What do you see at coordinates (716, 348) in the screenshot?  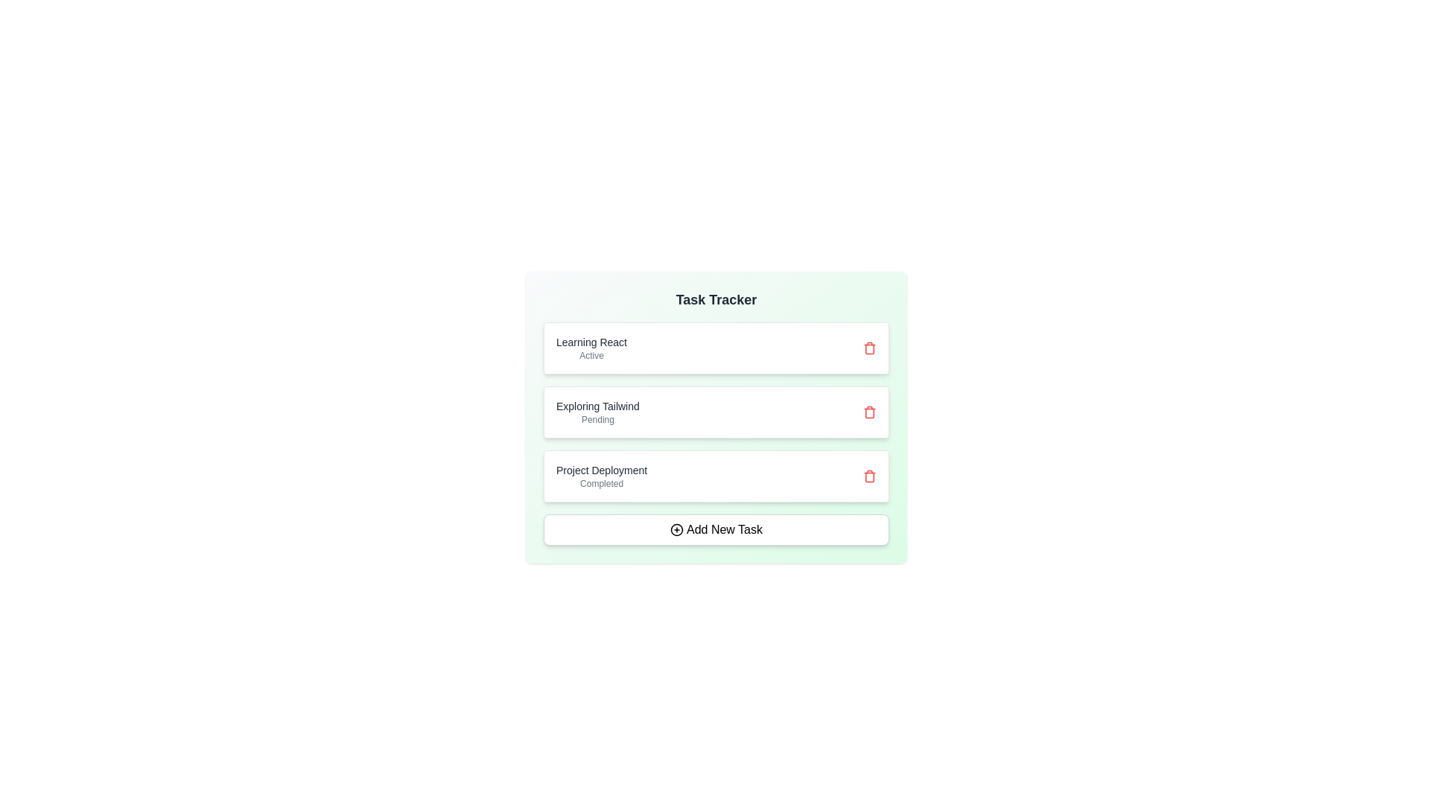 I see `the task card corresponding to Learning React` at bounding box center [716, 348].